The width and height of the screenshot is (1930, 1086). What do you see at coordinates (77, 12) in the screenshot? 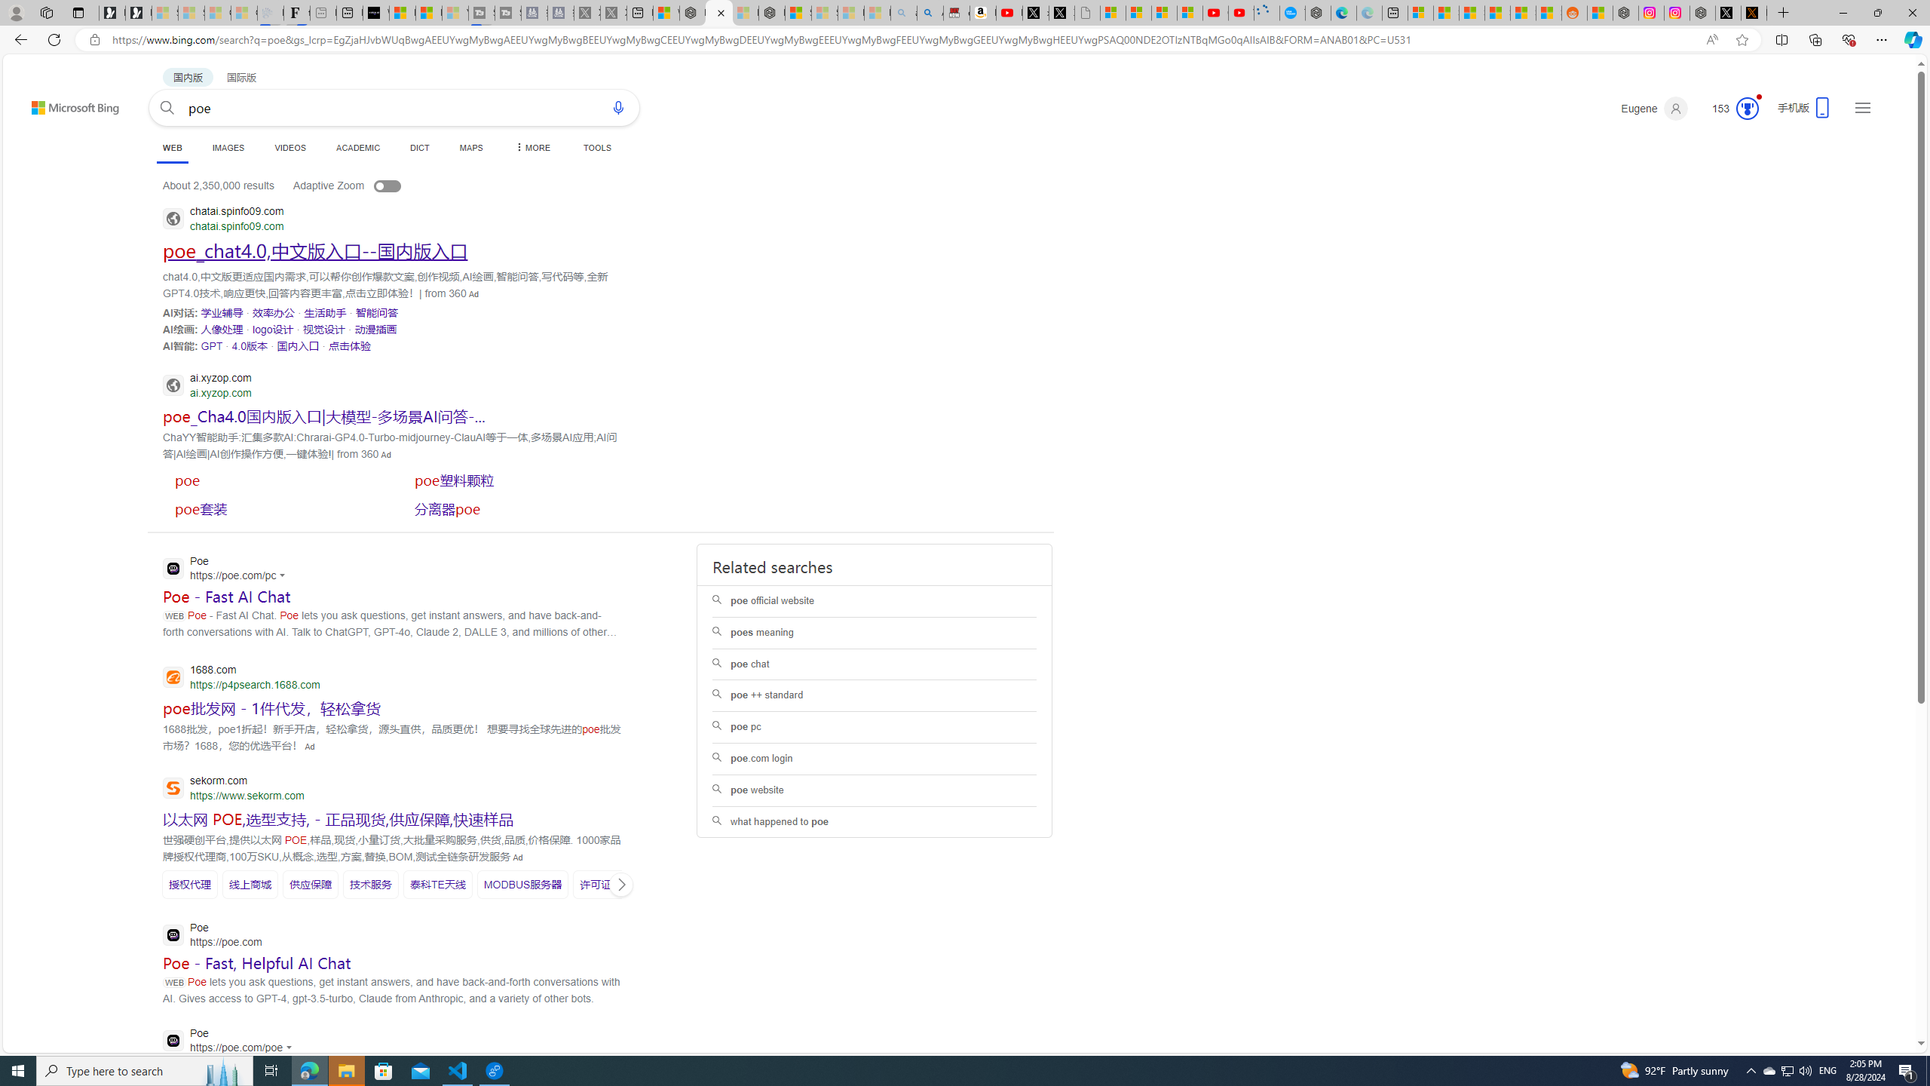
I see `'Tab actions menu'` at bounding box center [77, 12].